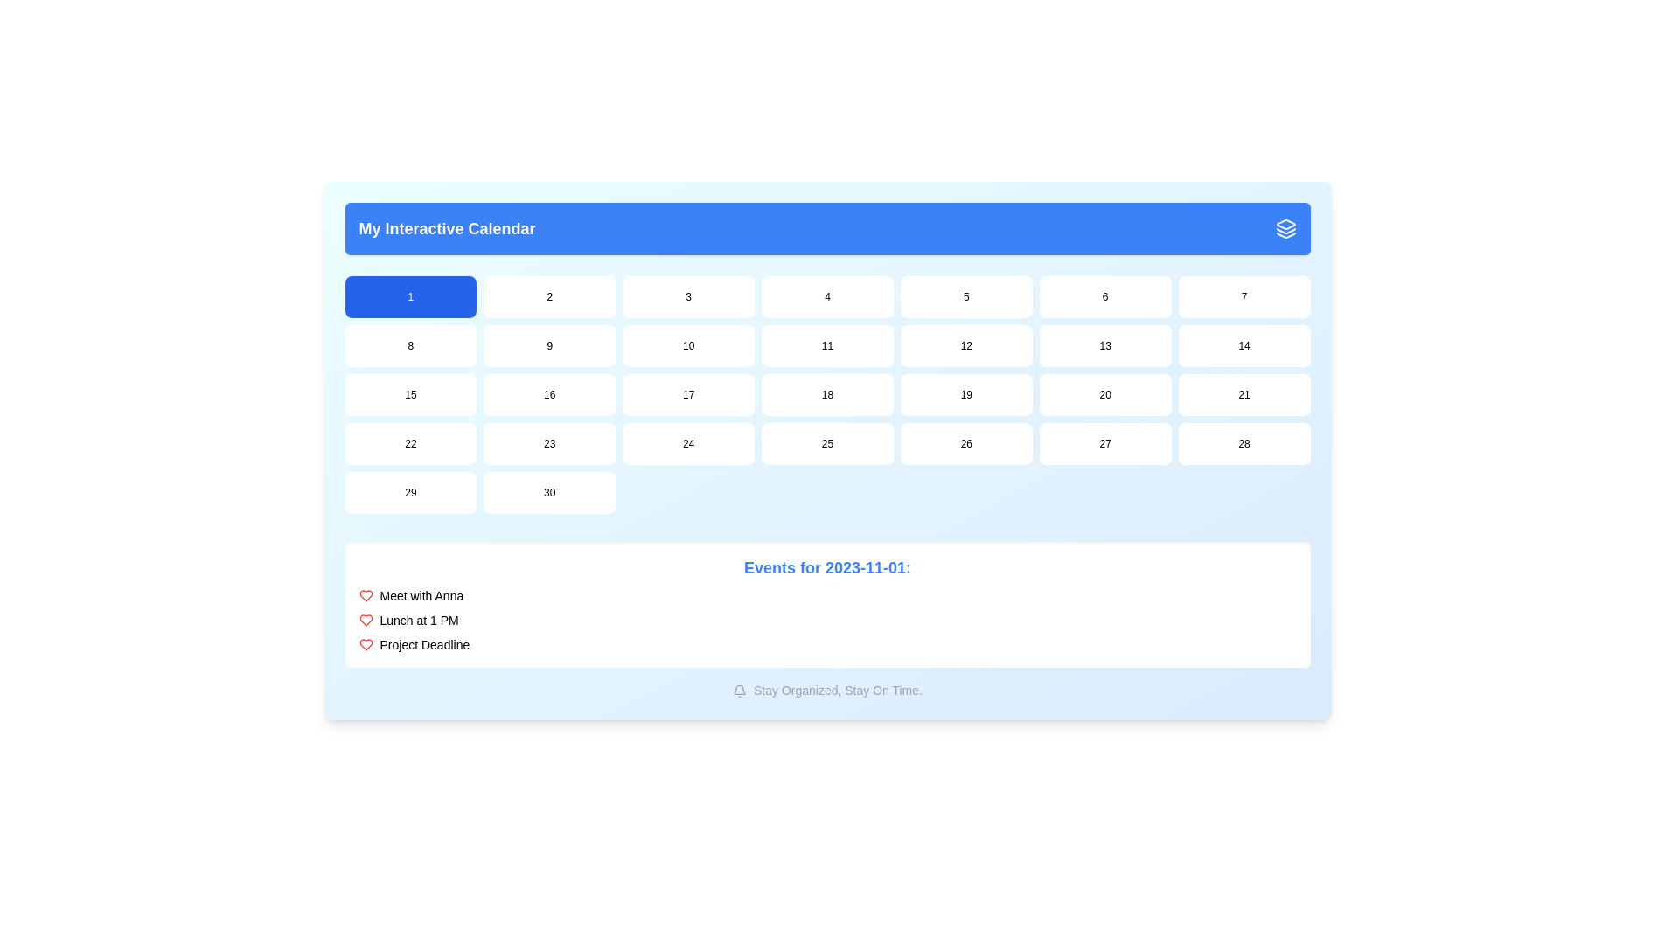  What do you see at coordinates (826, 295) in the screenshot?
I see `the interactive day selector button` at bounding box center [826, 295].